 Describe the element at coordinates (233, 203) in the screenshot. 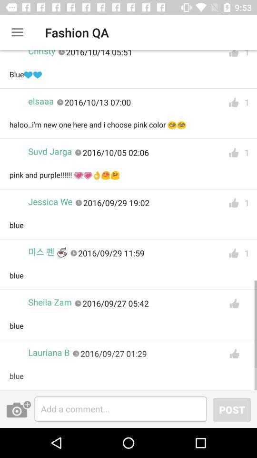

I see `like comment` at that location.